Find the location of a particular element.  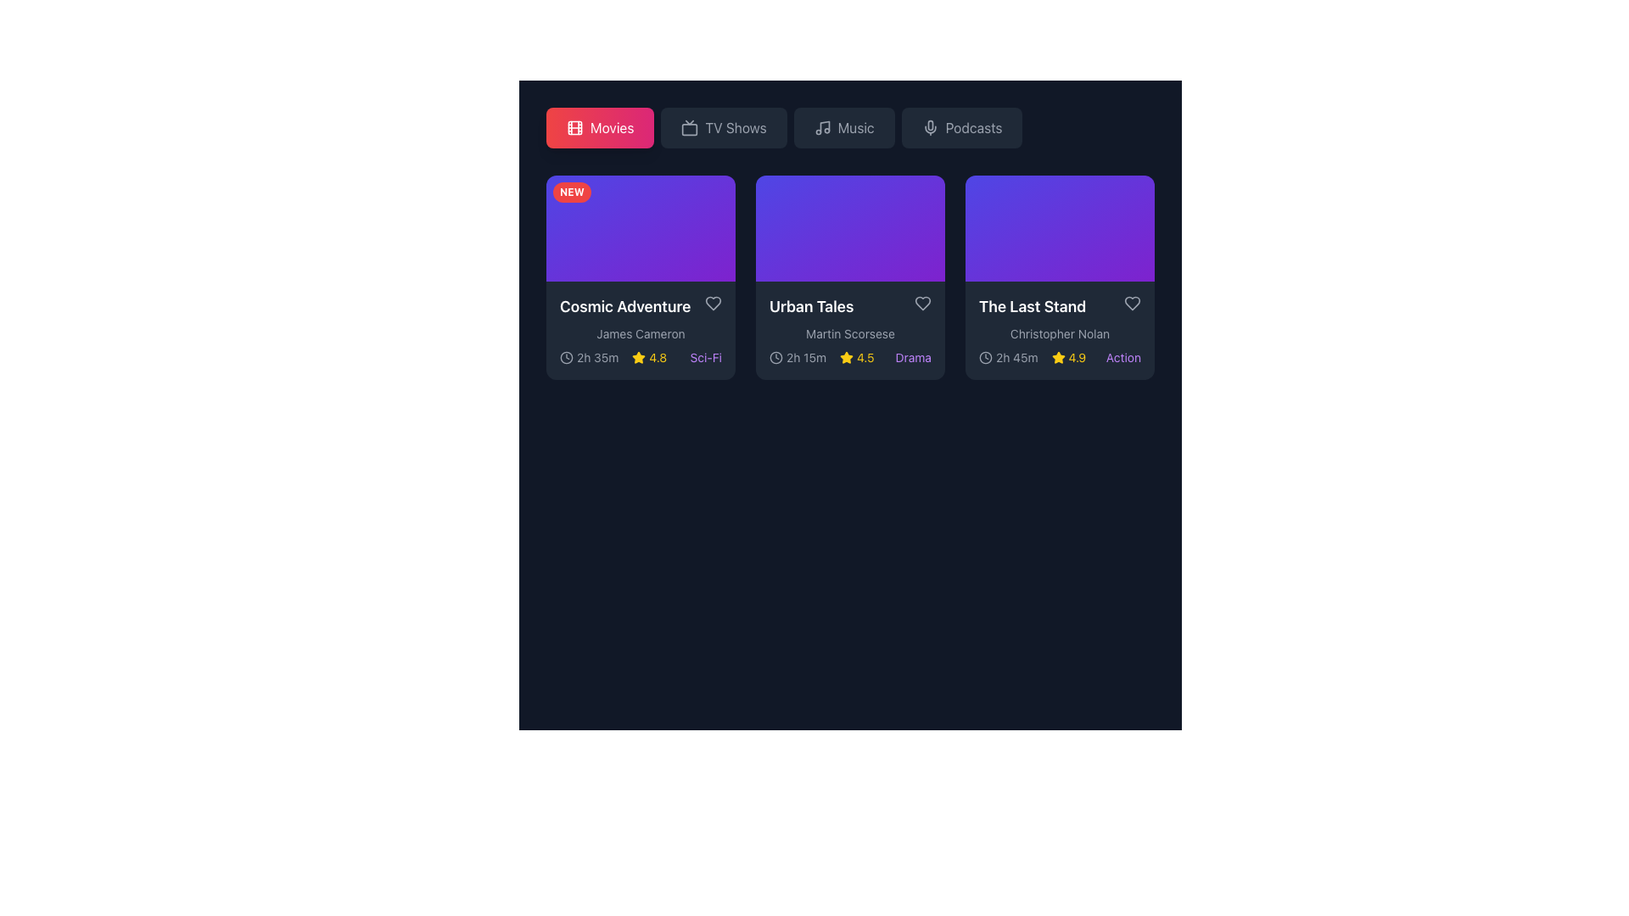

the play button located at the center of the card titled 'The Last Stand' to play the associated content is located at coordinates (1059, 227).